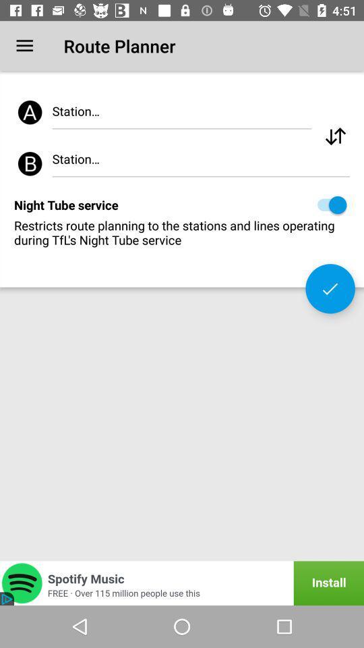  Describe the element at coordinates (330, 288) in the screenshot. I see `the icon on the right` at that location.